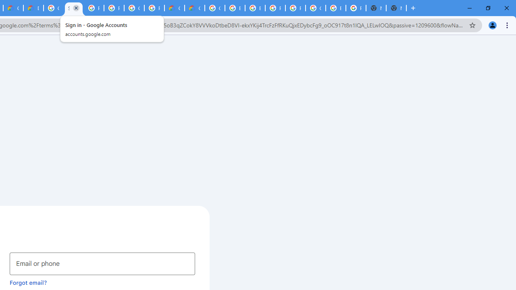 The width and height of the screenshot is (516, 290). What do you see at coordinates (102, 263) in the screenshot?
I see `'Email or phone'` at bounding box center [102, 263].